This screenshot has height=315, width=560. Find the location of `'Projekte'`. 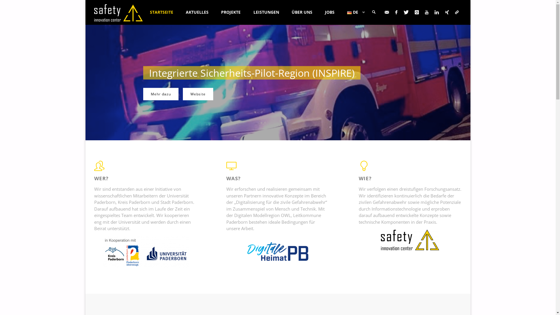

'Projekte' is located at coordinates (195, 94).